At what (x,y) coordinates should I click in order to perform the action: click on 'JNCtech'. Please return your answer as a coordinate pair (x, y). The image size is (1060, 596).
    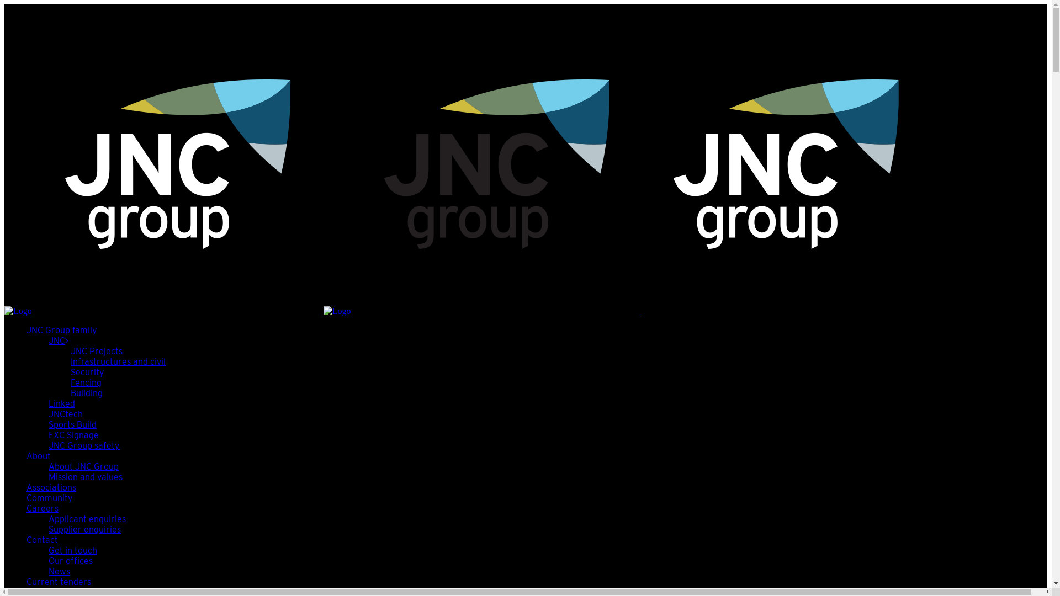
    Looking at the image, I should click on (65, 414).